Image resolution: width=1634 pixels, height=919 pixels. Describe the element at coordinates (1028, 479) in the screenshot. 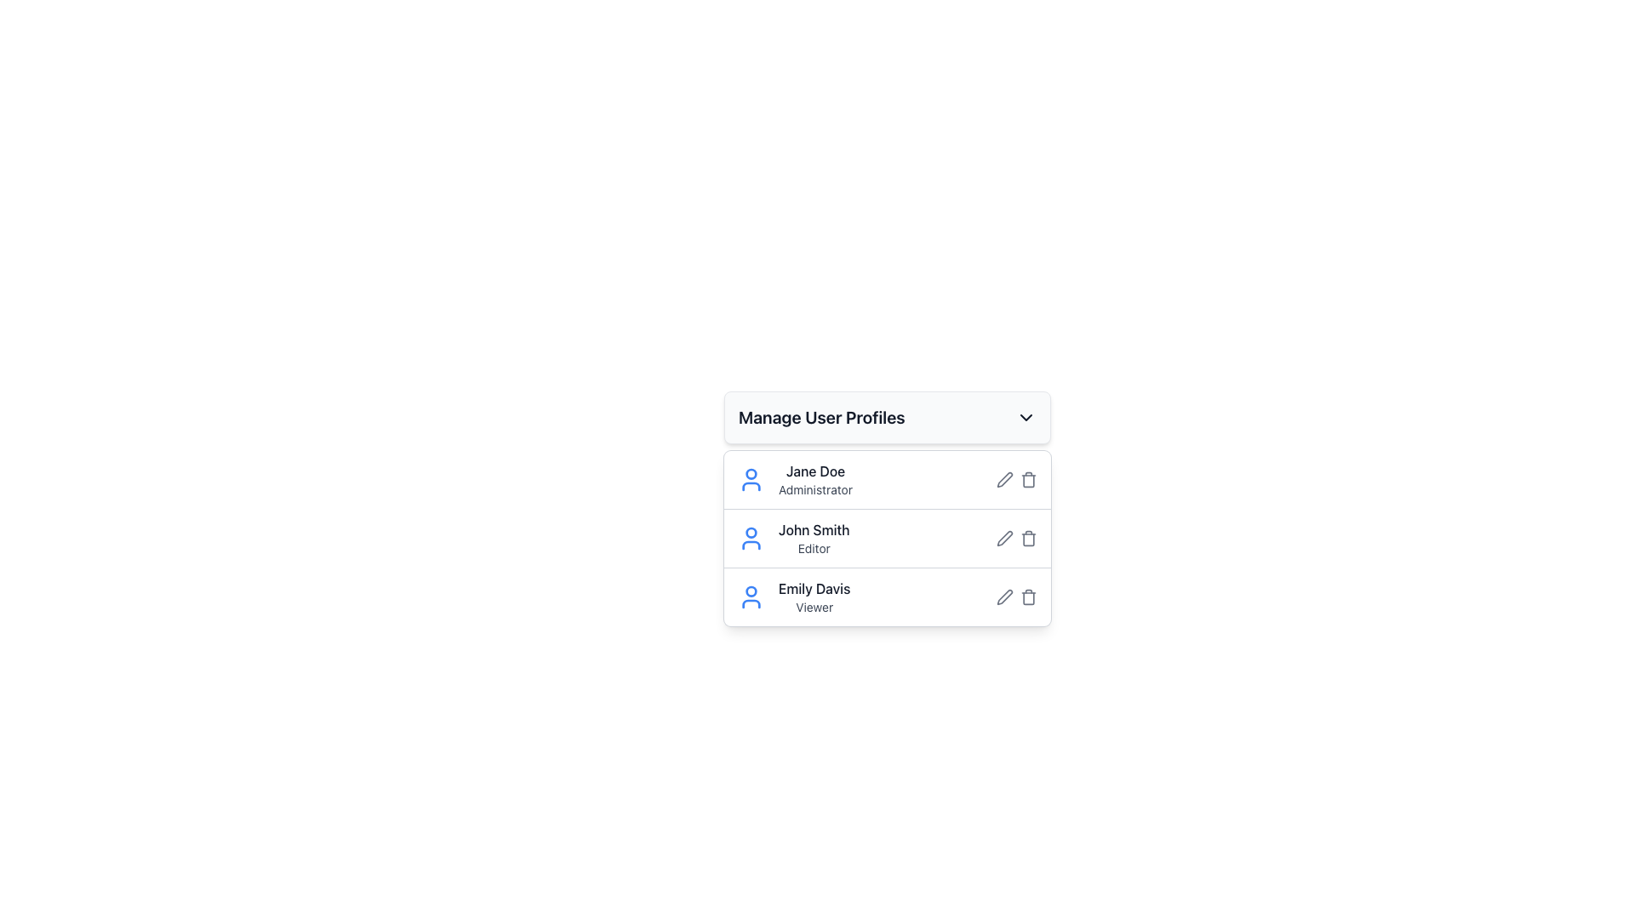

I see `the trash can icon in the top-right corner of the row containing 'Jane Doe' and 'Administrator'` at that location.